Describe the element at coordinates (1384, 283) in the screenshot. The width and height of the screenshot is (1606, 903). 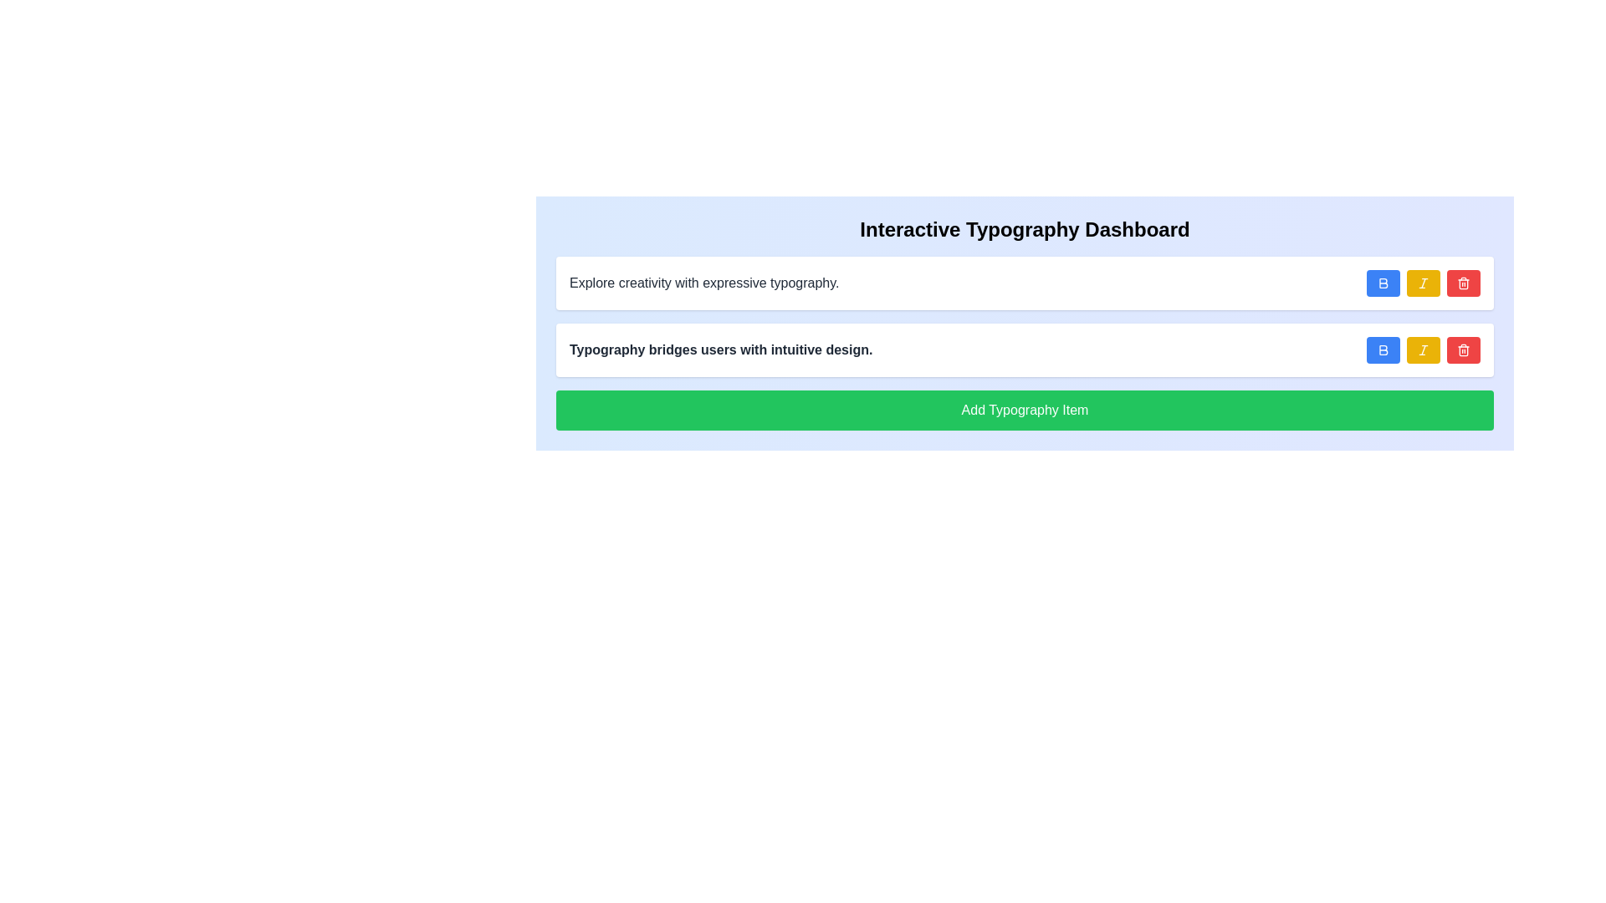
I see `the bold formatting icon located within the button group to the right of the text input field in the top-row entry of the interactive typography dashboard` at that location.